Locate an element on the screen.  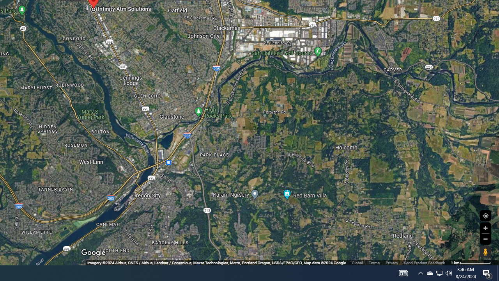
'Show Street View coverage' is located at coordinates (485, 252).